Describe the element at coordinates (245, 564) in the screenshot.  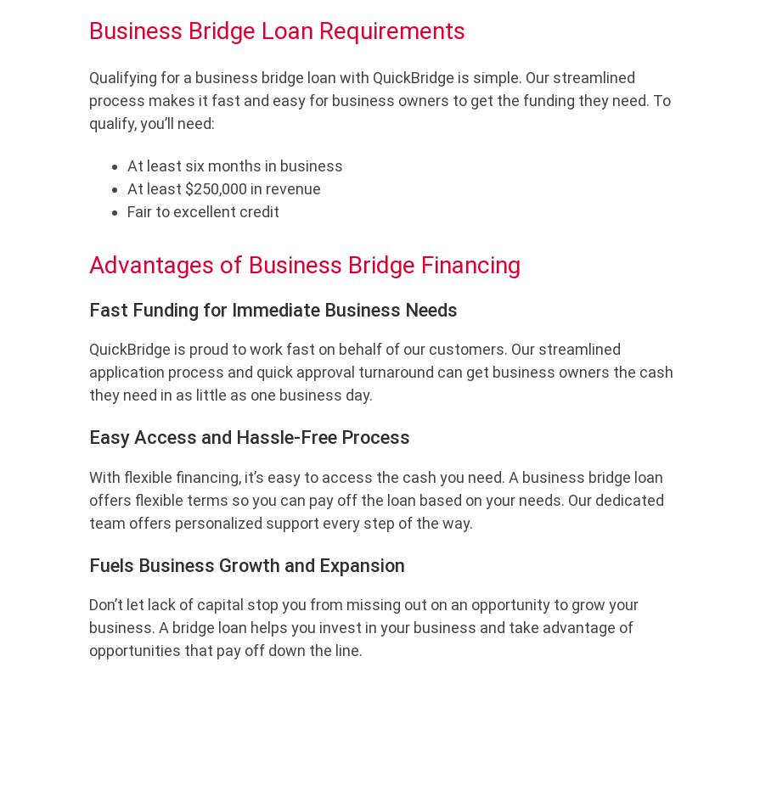
I see `'Fuels Business Growth and Expansion'` at that location.